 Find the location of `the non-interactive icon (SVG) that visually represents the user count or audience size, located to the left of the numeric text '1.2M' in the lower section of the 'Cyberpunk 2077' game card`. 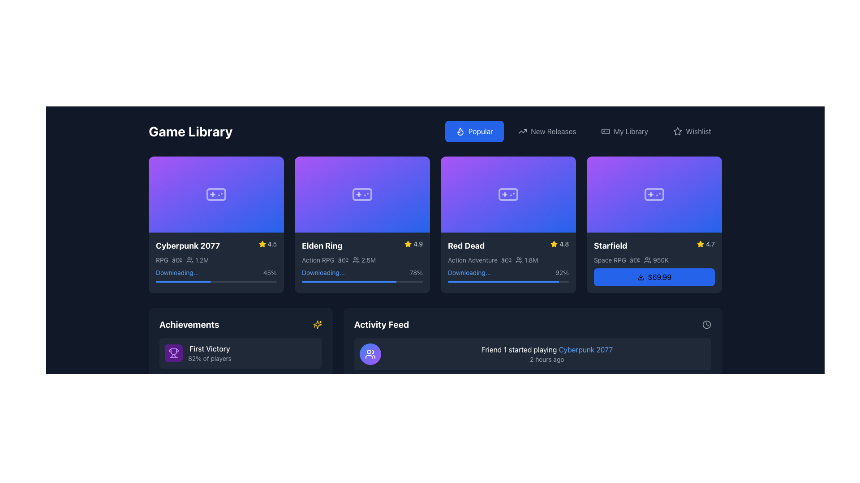

the non-interactive icon (SVG) that visually represents the user count or audience size, located to the left of the numeric text '1.2M' in the lower section of the 'Cyberpunk 2077' game card is located at coordinates (189, 260).